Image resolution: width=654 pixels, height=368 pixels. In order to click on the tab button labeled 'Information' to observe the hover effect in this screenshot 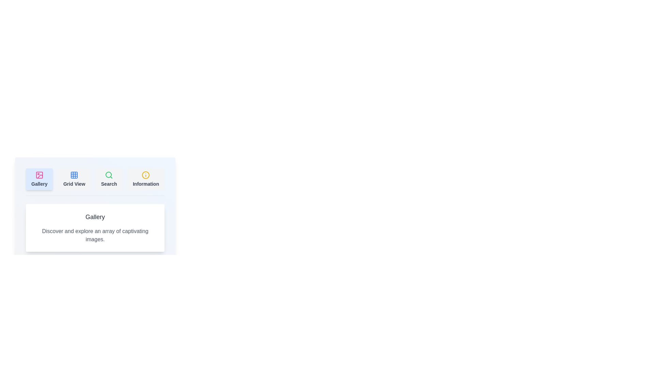, I will do `click(145, 179)`.